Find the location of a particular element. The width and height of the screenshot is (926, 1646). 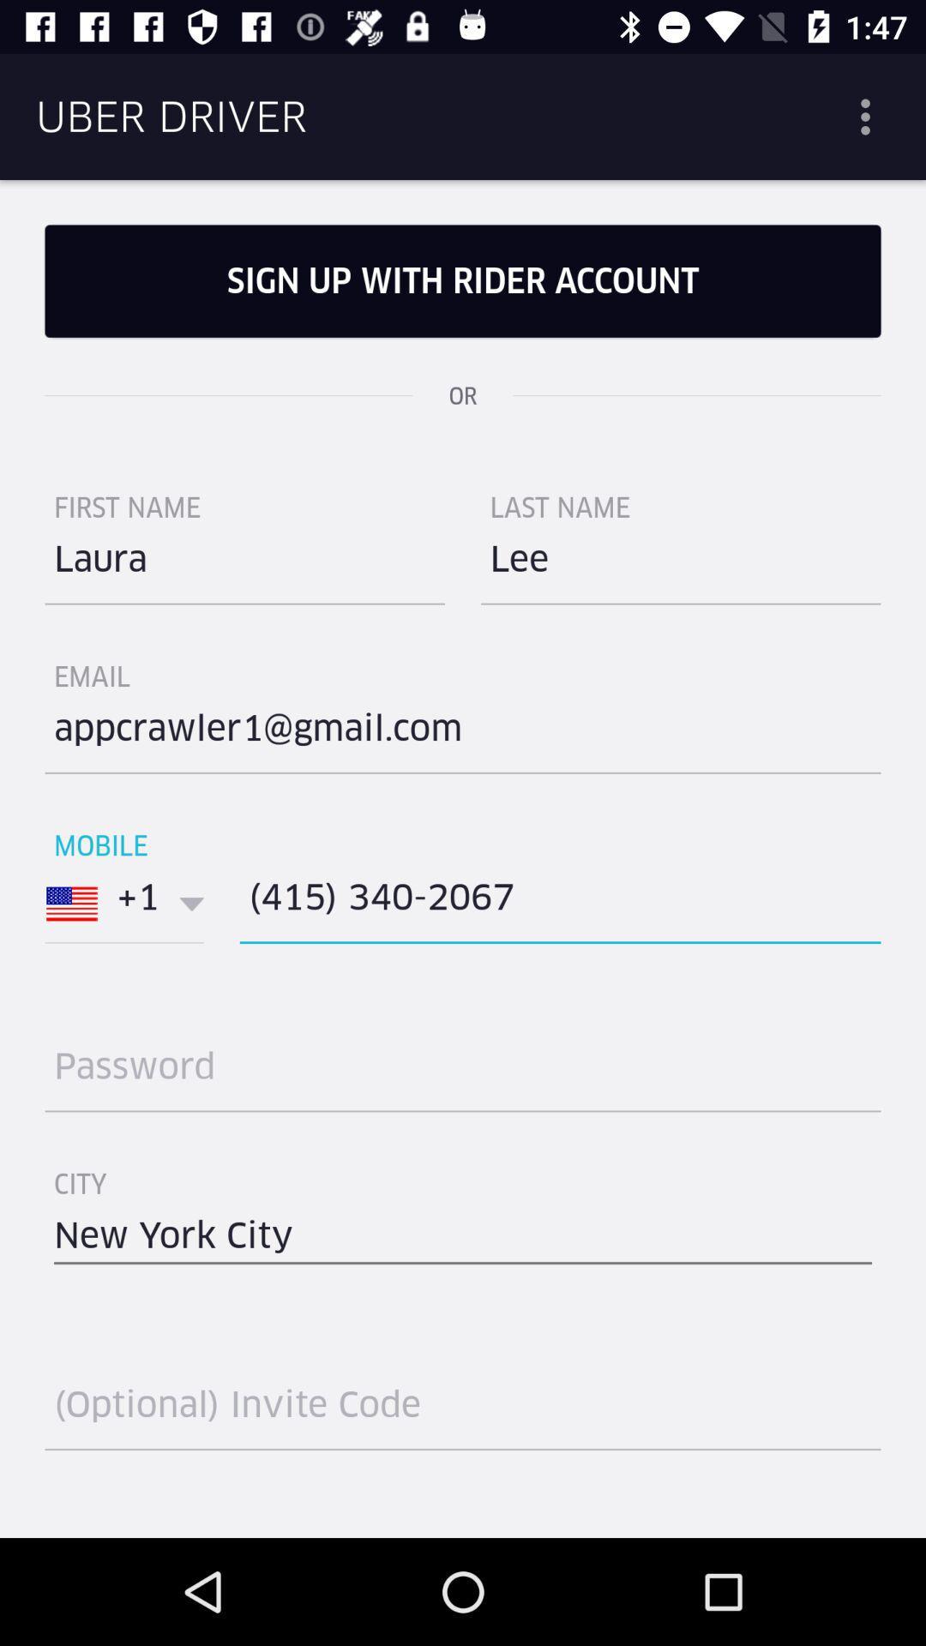

the item to the left of last name is located at coordinates (244, 566).